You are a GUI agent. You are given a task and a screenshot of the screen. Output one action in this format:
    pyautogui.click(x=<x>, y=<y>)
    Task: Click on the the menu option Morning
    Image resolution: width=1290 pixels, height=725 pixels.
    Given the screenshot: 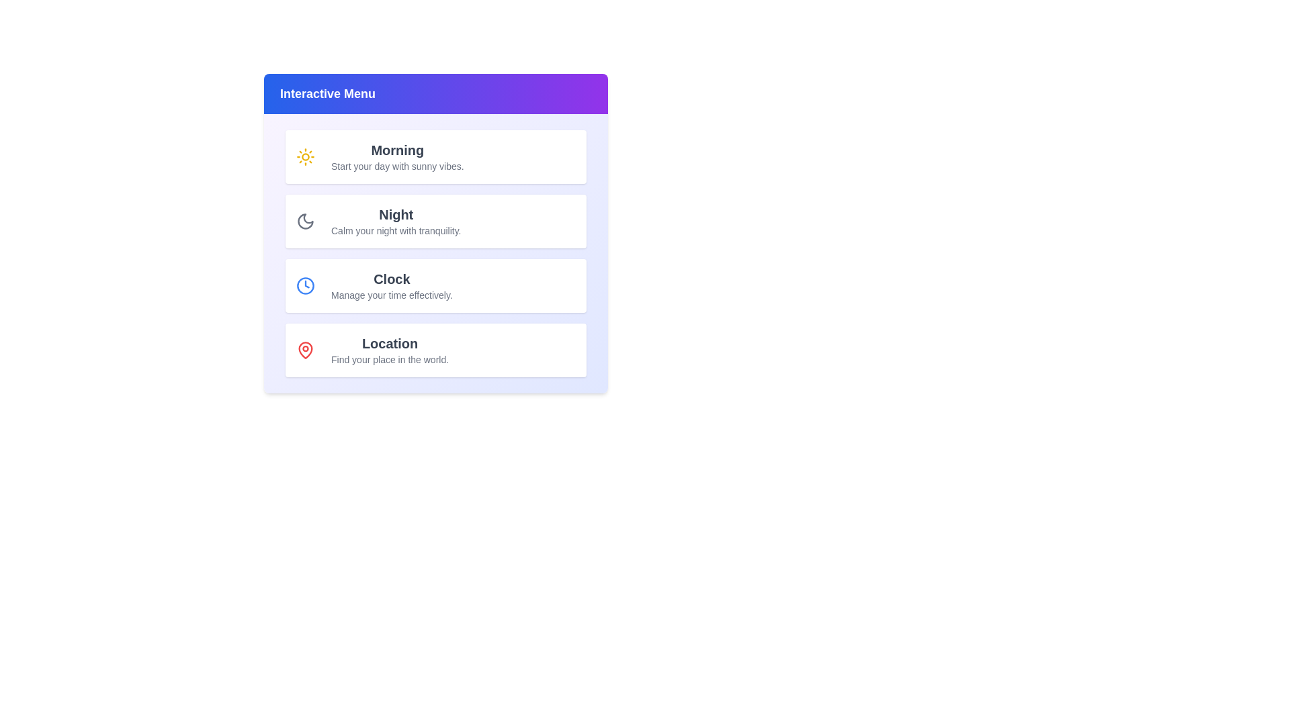 What is the action you would take?
    pyautogui.click(x=435, y=156)
    